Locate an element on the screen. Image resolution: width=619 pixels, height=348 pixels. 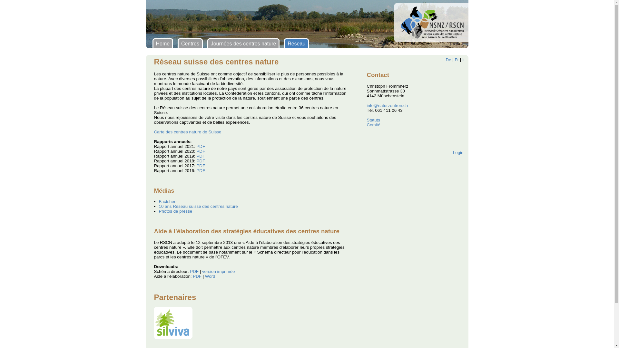
'PDF' is located at coordinates (200, 146).